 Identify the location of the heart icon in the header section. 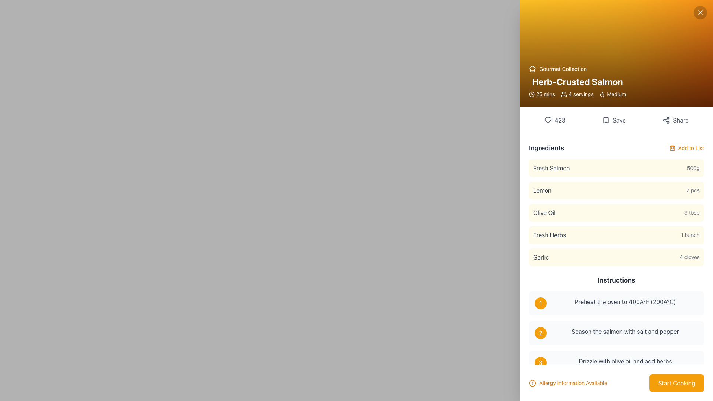
(548, 120).